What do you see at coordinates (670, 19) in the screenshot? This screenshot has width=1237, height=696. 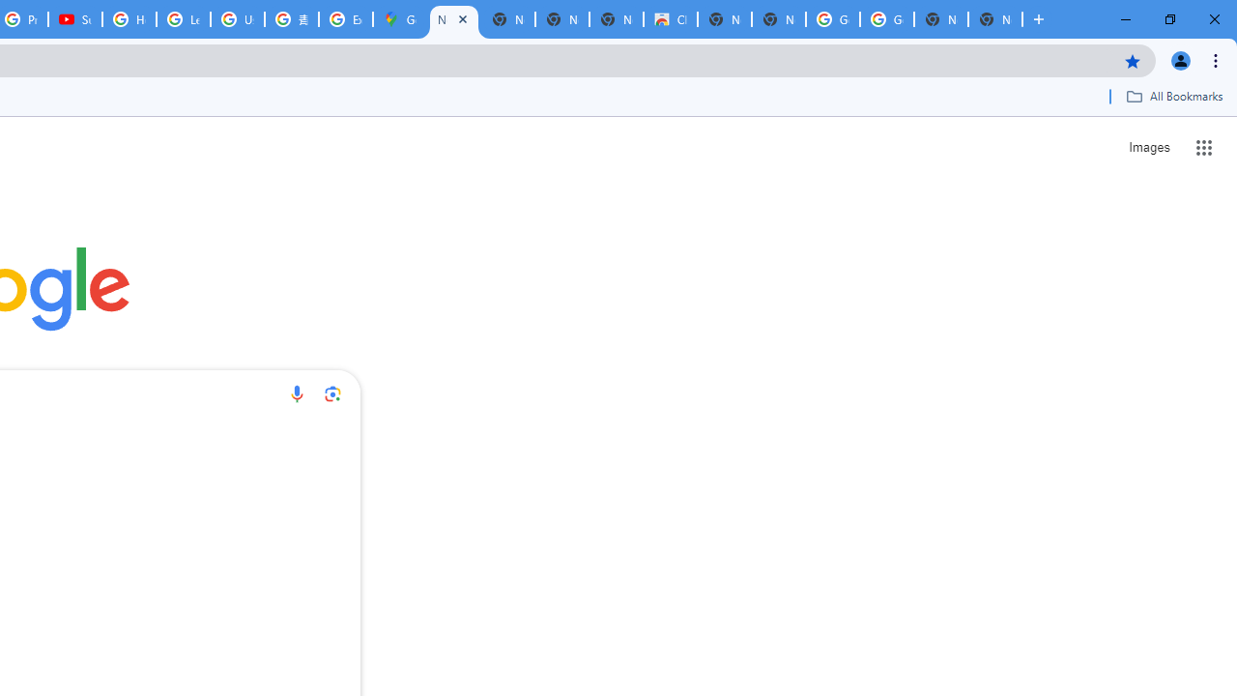 I see `'Chrome Web Store'` at bounding box center [670, 19].